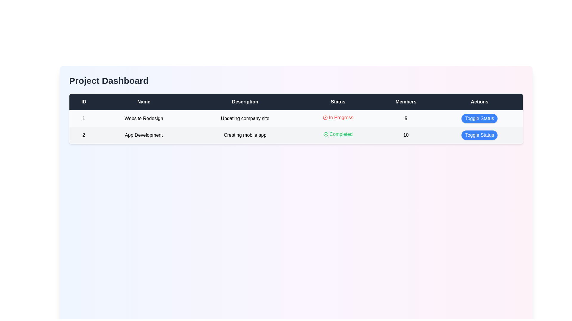  Describe the element at coordinates (479, 135) in the screenshot. I see `the second 'Toggle Status' button located under the 'Actions' column in the second row of the table` at that location.